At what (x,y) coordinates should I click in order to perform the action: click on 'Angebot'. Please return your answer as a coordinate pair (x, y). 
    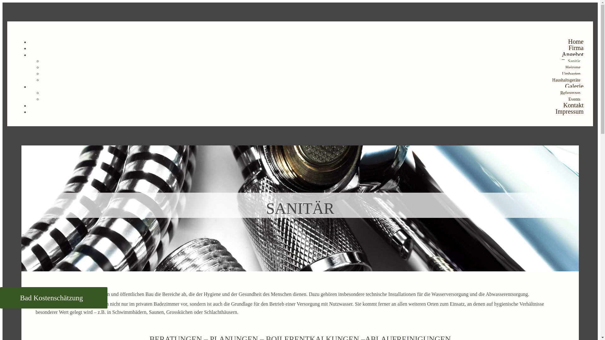
    Looking at the image, I should click on (562, 54).